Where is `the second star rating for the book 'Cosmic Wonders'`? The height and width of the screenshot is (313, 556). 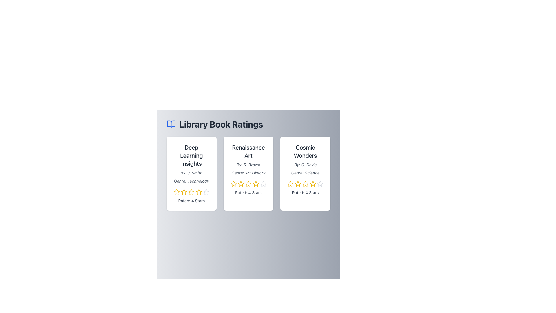
the second star rating for the book 'Cosmic Wonders' is located at coordinates (290, 184).